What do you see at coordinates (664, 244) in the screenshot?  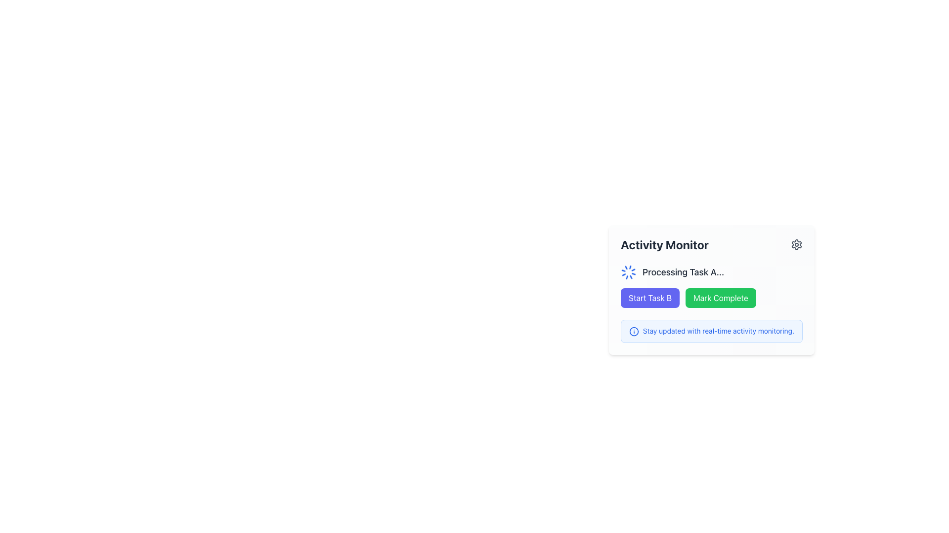 I see `the 'Activity Monitor' static text label, which is a bold and large dark gray text positioned at the top of a card-like widget, adjacent to a gear icon` at bounding box center [664, 244].